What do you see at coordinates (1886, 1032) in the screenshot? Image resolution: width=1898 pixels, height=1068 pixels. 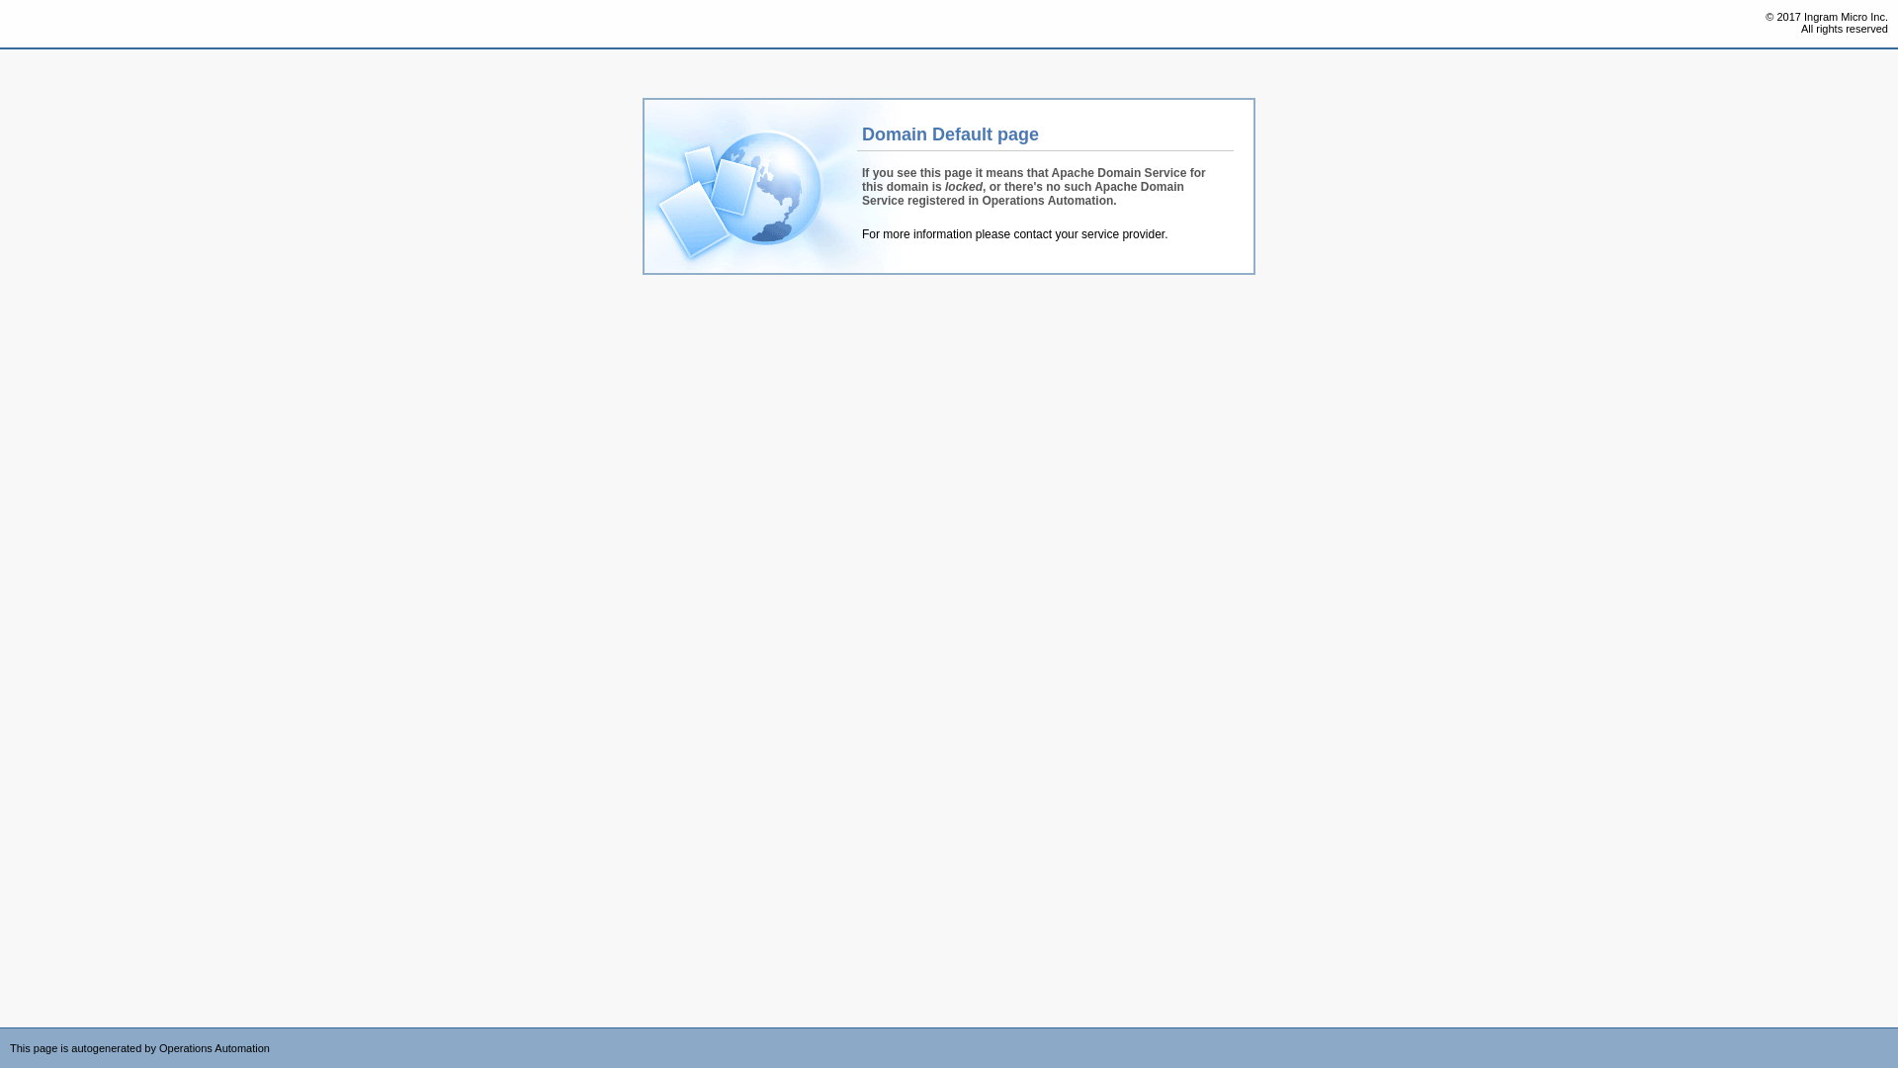 I see `'Powered by CloudBlue Commerce'` at bounding box center [1886, 1032].